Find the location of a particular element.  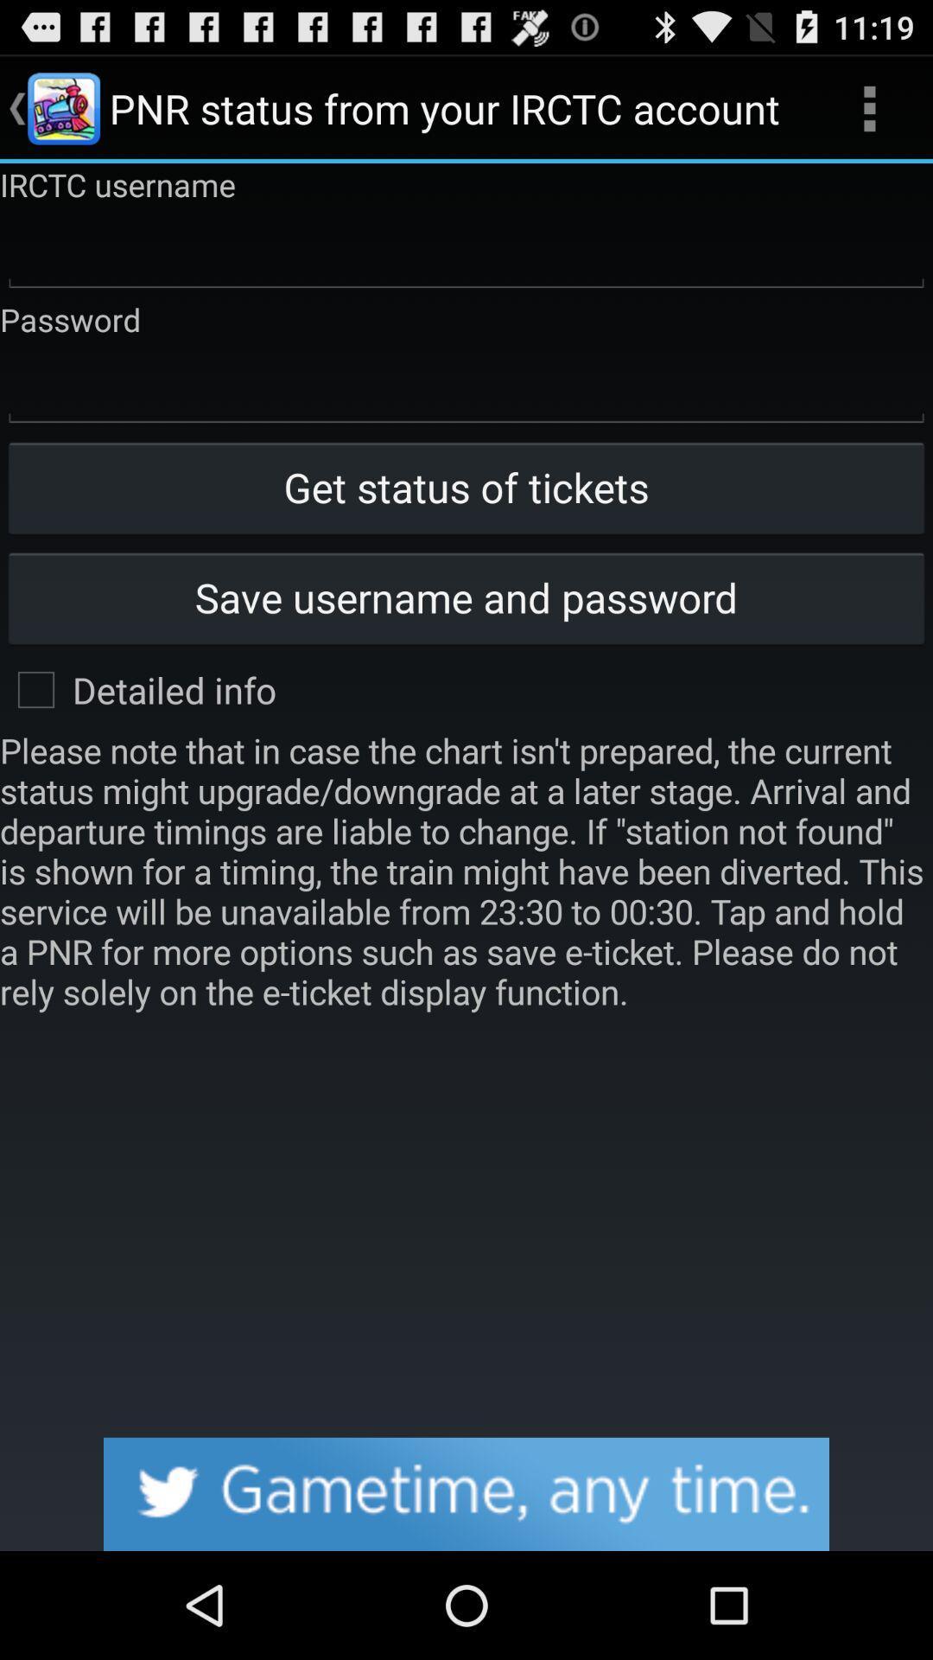

click on add is located at coordinates (466, 1493).